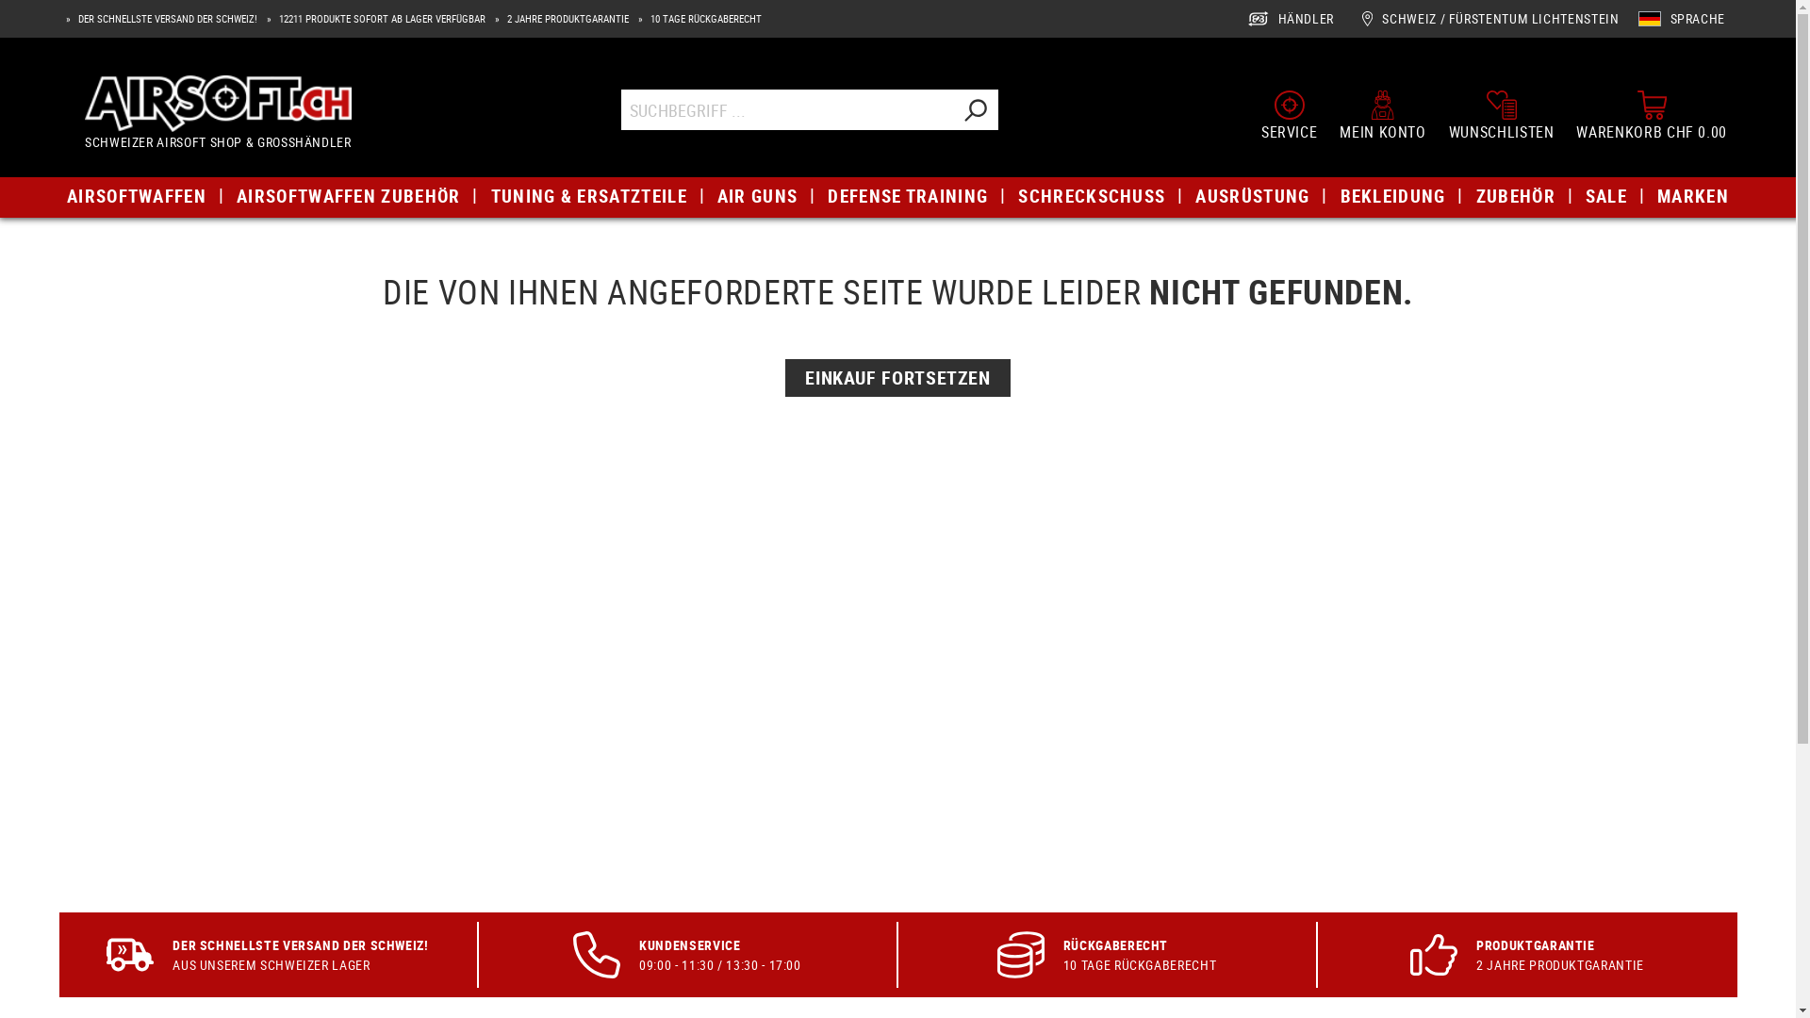  What do you see at coordinates (700, 196) in the screenshot?
I see `'AIR GUNS'` at bounding box center [700, 196].